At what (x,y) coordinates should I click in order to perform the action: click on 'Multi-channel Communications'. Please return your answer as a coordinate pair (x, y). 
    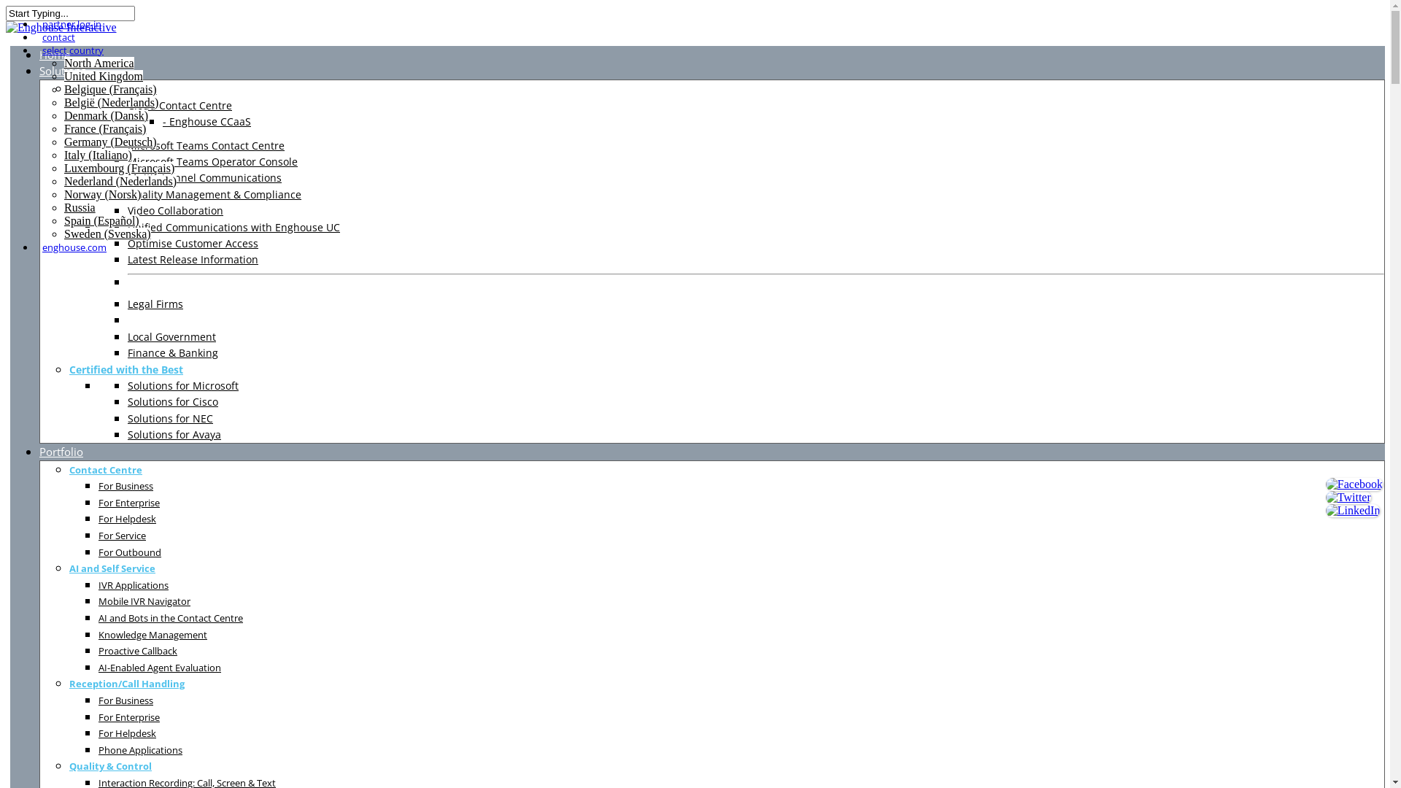
    Looking at the image, I should click on (204, 177).